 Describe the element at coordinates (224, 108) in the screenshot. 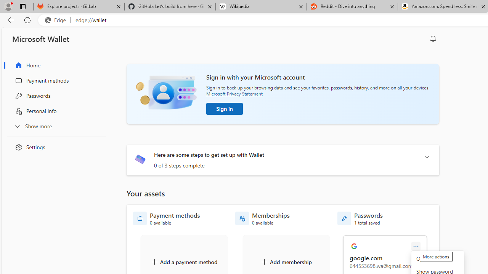

I see `'Sign in'` at that location.